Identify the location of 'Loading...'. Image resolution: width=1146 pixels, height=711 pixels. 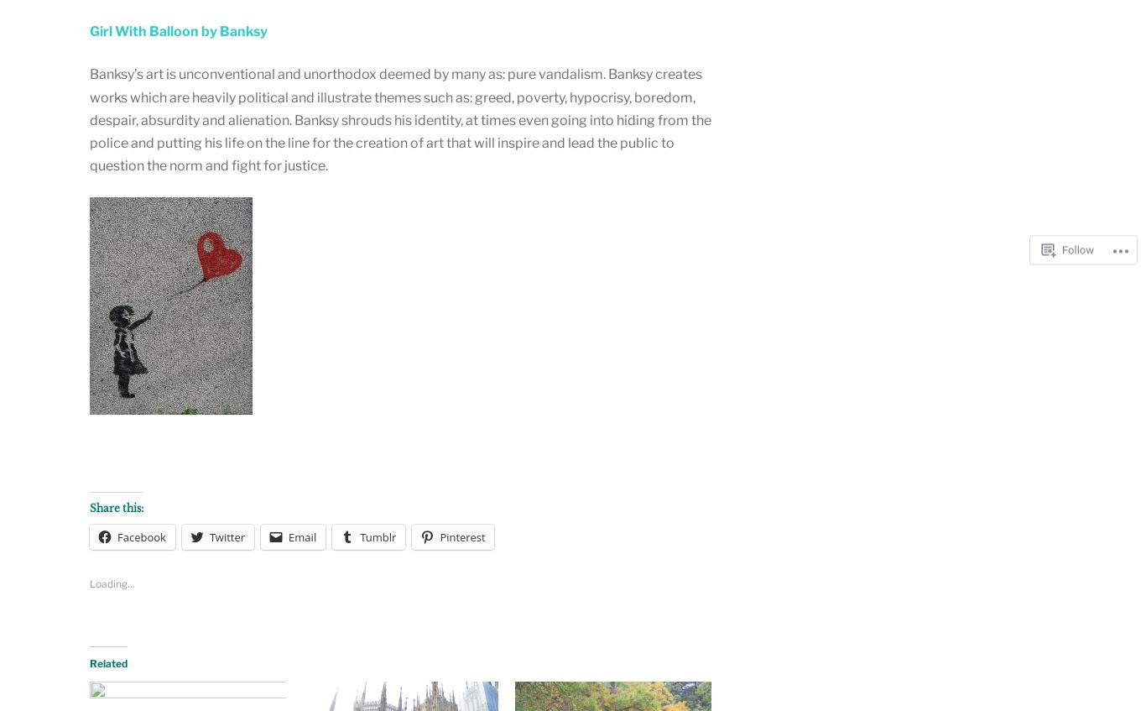
(112, 583).